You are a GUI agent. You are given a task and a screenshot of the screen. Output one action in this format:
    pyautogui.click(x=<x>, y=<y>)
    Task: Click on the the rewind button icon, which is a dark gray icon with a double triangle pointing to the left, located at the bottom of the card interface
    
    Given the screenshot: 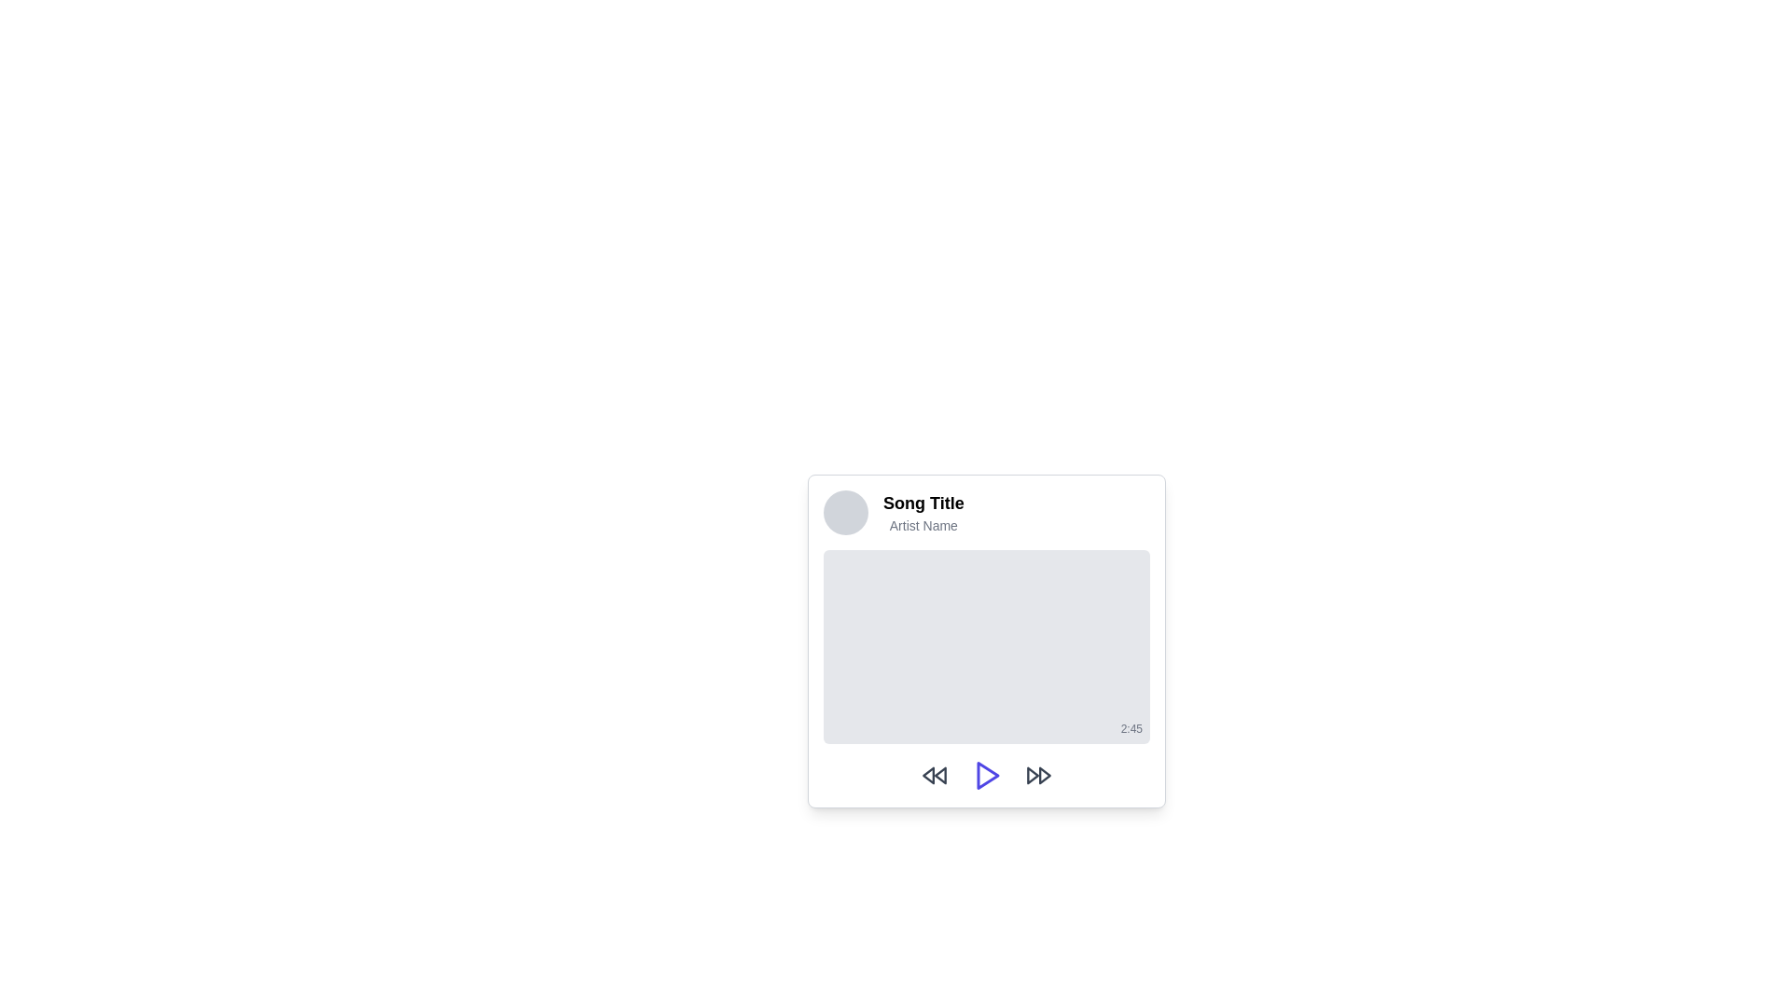 What is the action you would take?
    pyautogui.click(x=935, y=776)
    